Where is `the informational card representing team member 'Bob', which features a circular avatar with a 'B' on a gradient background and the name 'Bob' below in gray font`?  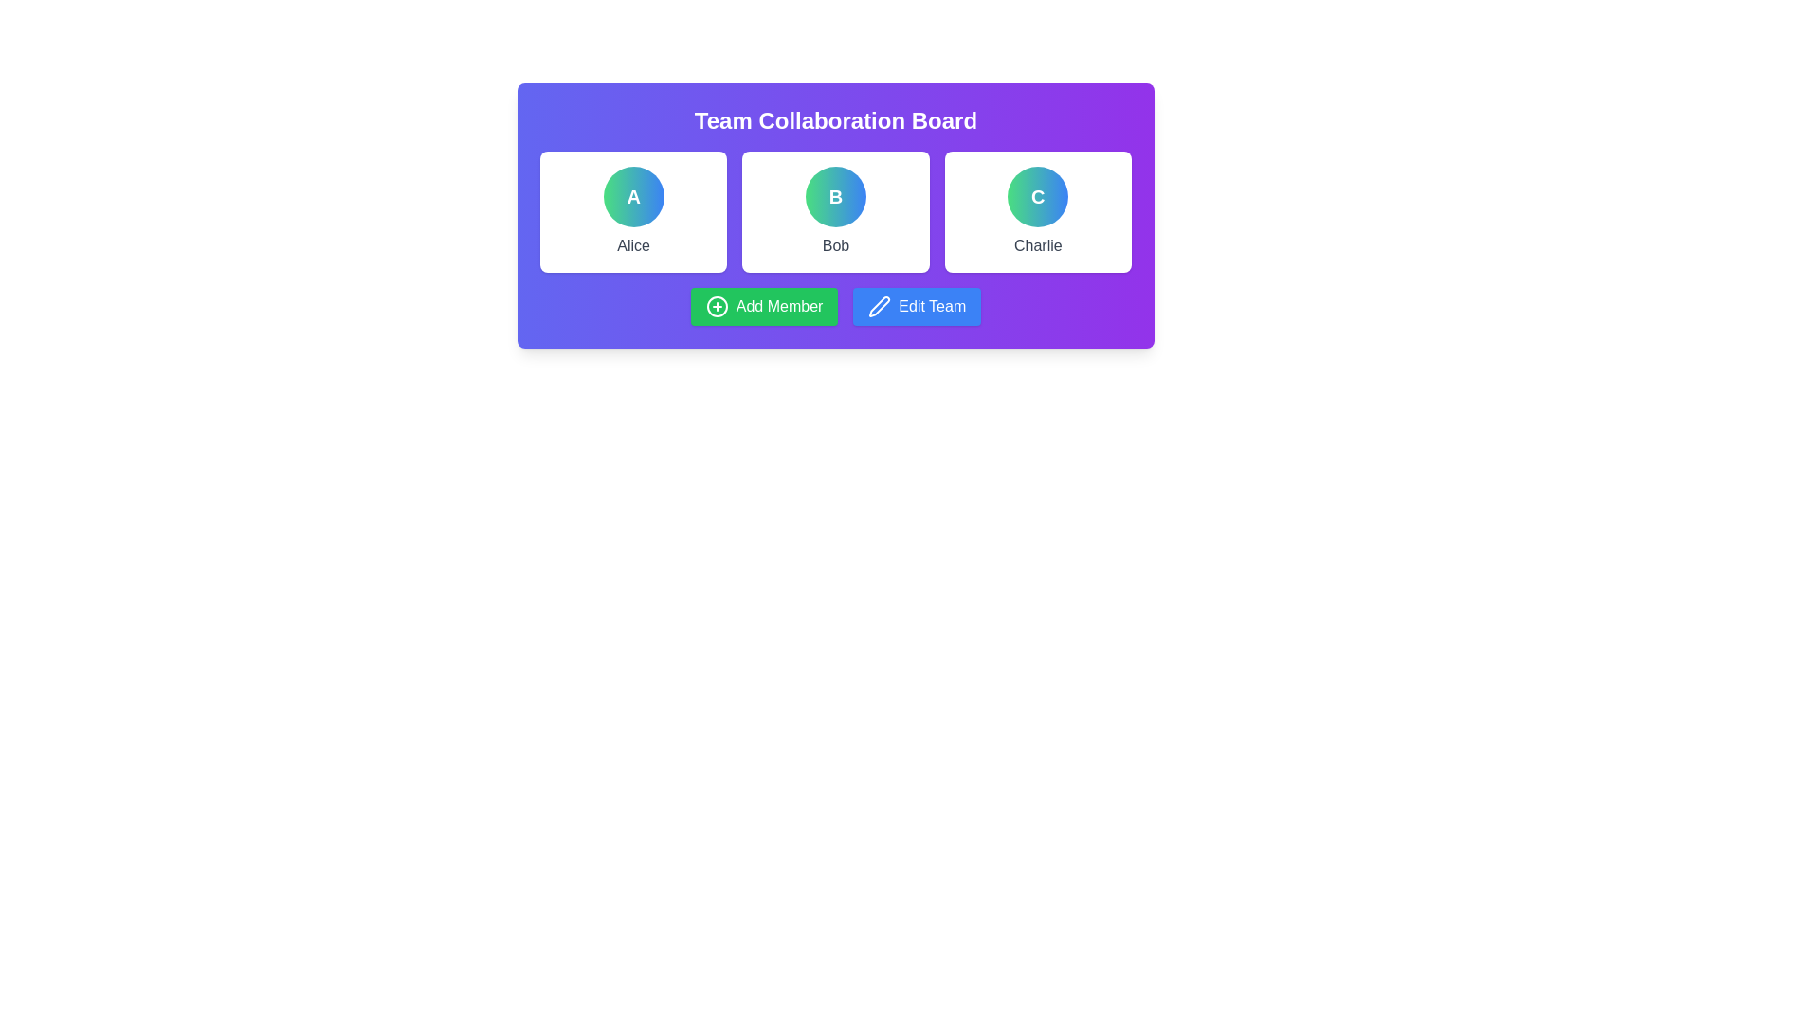 the informational card representing team member 'Bob', which features a circular avatar with a 'B' on a gradient background and the name 'Bob' below in gray font is located at coordinates (835, 214).